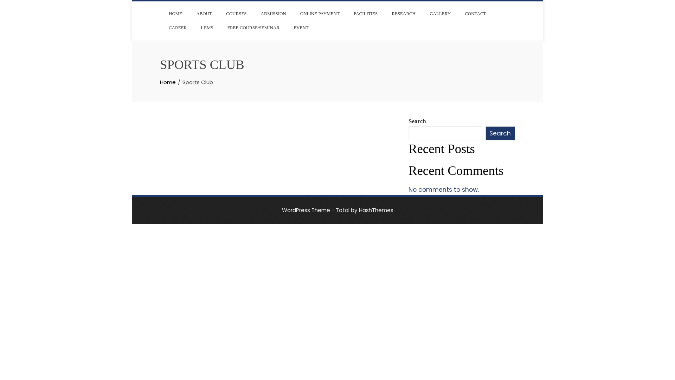 Image resolution: width=675 pixels, height=380 pixels. Describe the element at coordinates (348, 13) in the screenshot. I see `'FACILITIES'` at that location.